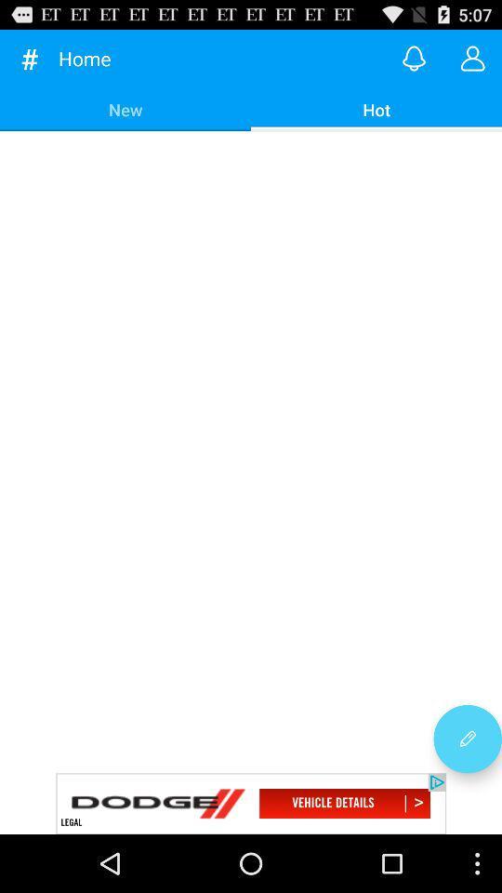 The image size is (502, 893). I want to click on click the profile option, so click(472, 58).